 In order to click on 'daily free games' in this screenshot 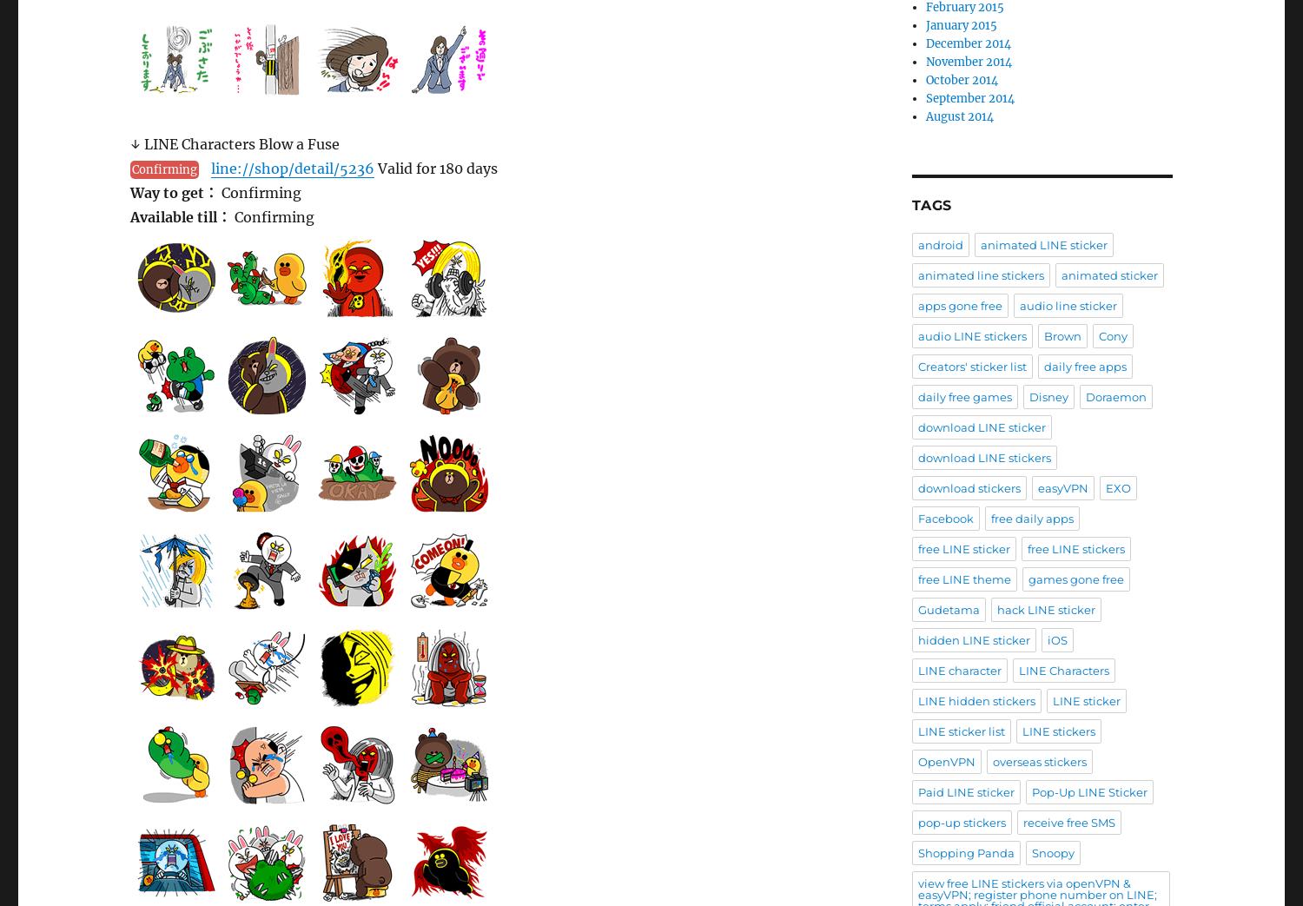, I will do `click(964, 394)`.